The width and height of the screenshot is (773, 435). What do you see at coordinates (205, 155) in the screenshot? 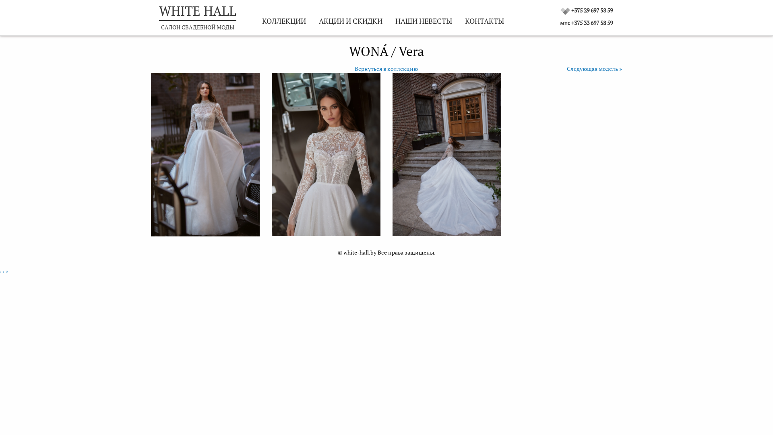
I see `'Vera'` at bounding box center [205, 155].